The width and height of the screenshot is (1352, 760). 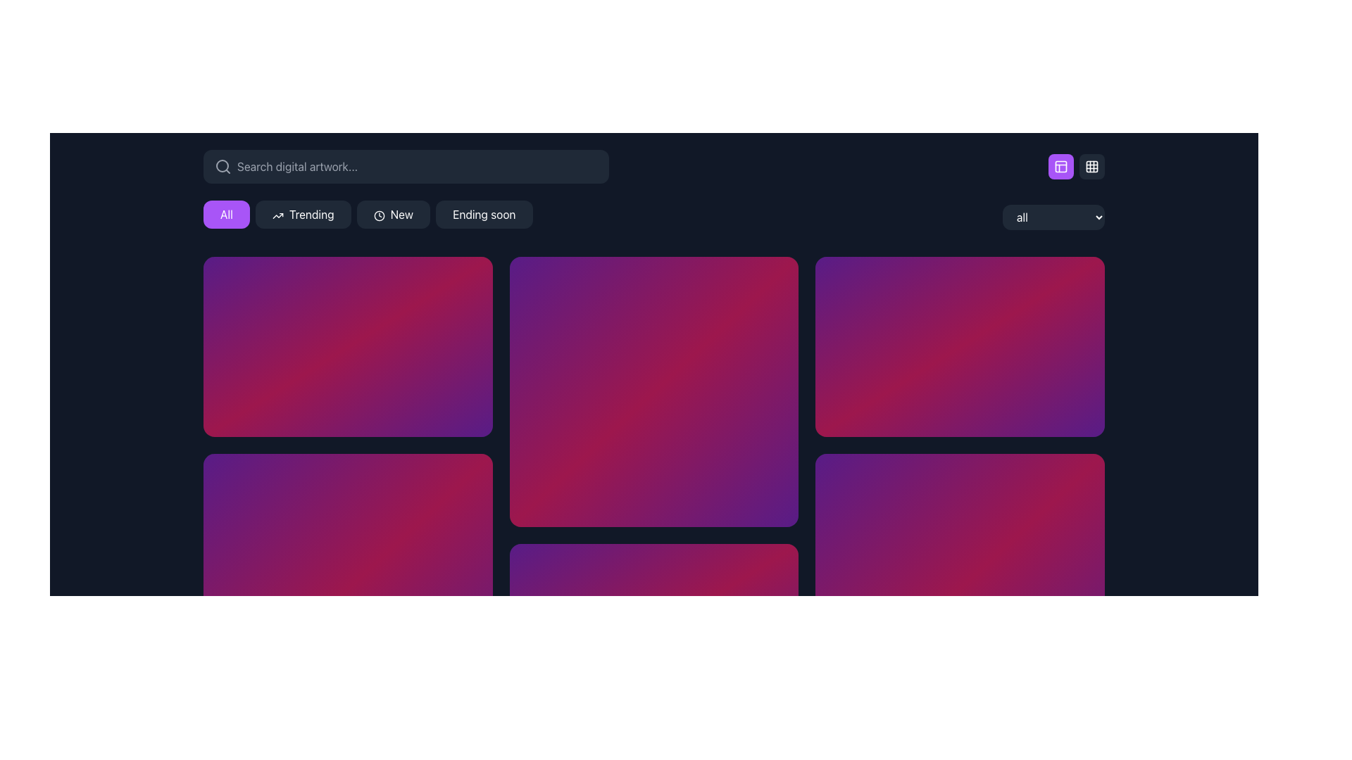 I want to click on the central square of the 3x3 grid icon located in the top-right corner of the interface, so click(x=1091, y=165).